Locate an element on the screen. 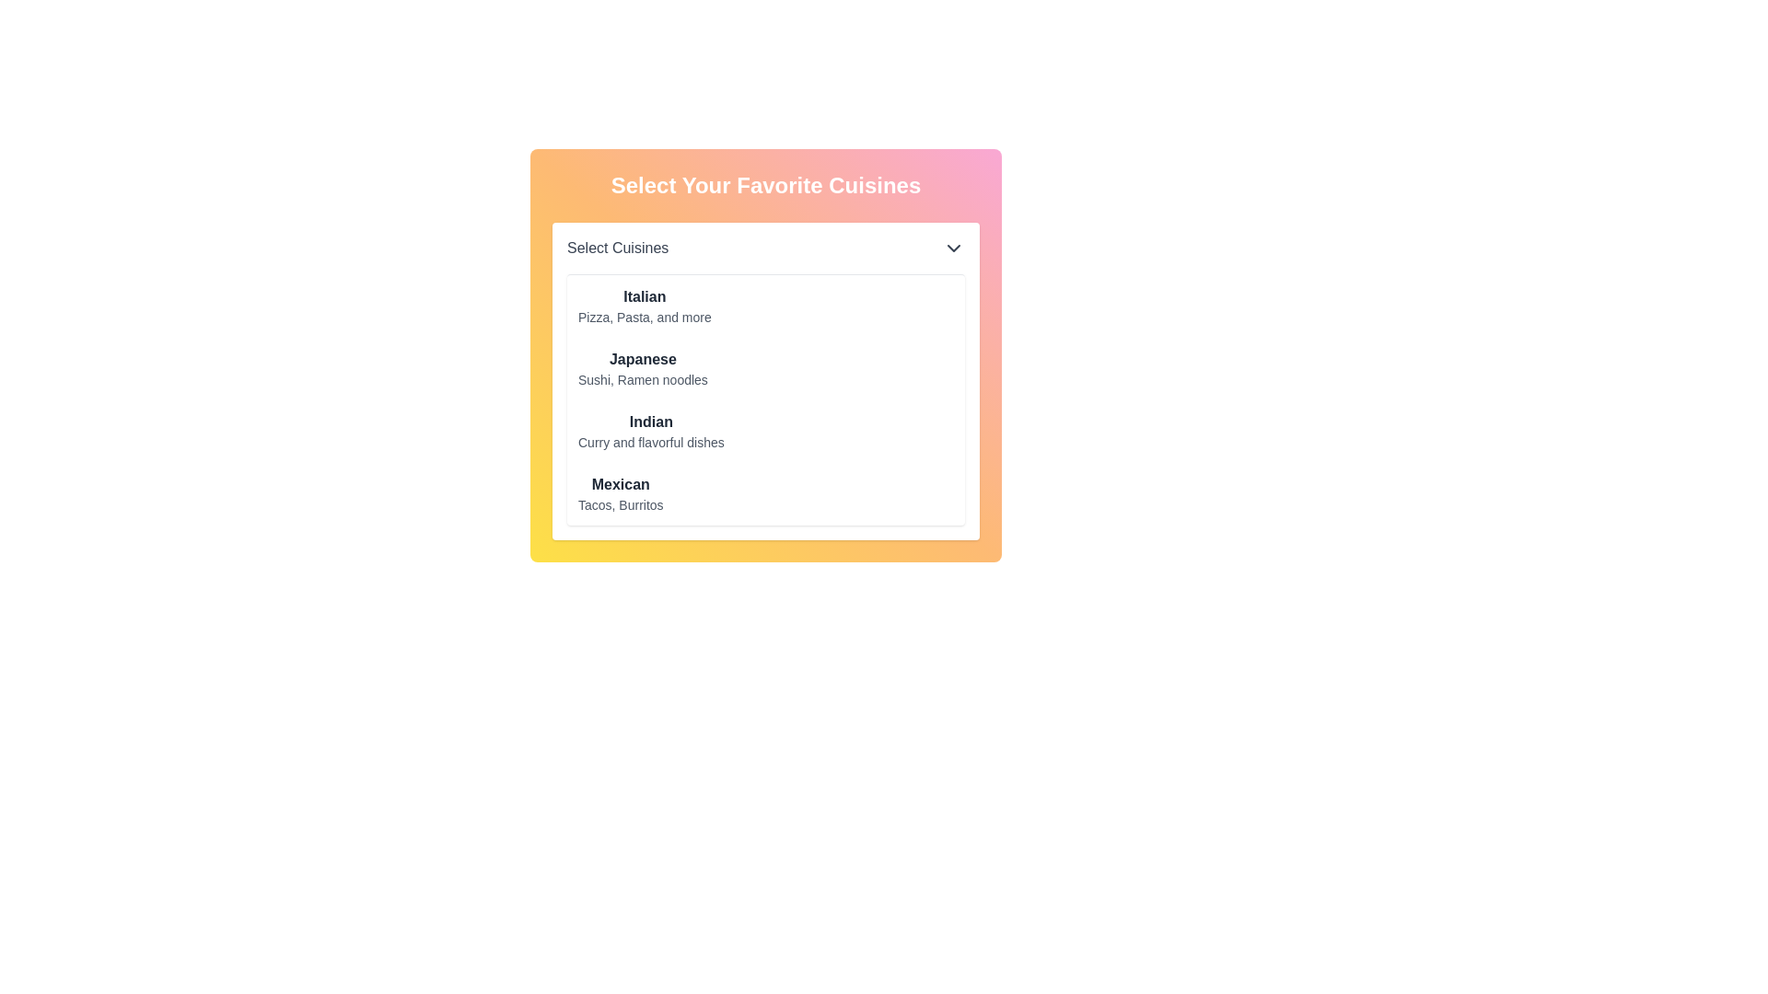 This screenshot has width=1768, height=994. the static text label displaying 'Indian' in bold dark gray font, located in the third entry of a vertical list of cuisines between 'Japanese' and 'Mexican' is located at coordinates (651, 422).